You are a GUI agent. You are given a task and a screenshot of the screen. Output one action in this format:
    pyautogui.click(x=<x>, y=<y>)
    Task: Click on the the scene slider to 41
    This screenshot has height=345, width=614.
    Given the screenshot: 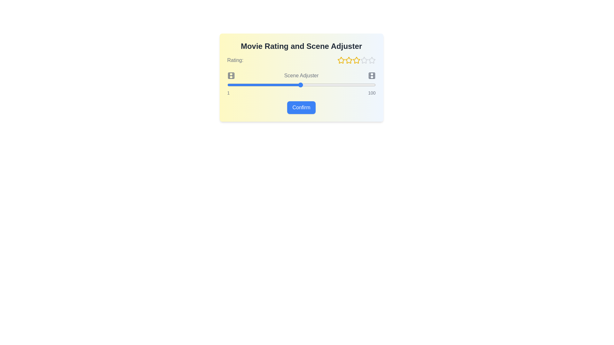 What is the action you would take?
    pyautogui.click(x=287, y=85)
    